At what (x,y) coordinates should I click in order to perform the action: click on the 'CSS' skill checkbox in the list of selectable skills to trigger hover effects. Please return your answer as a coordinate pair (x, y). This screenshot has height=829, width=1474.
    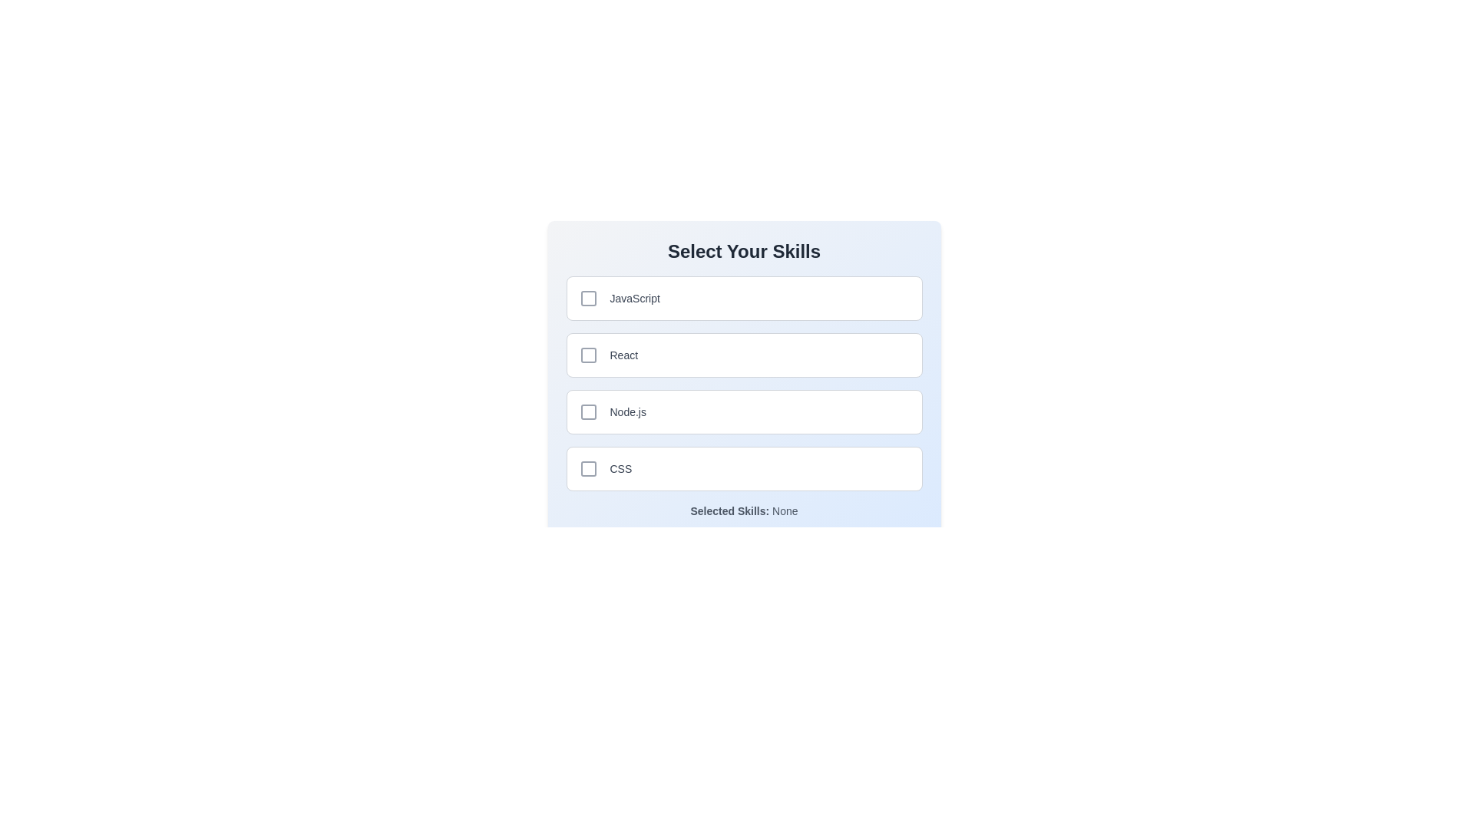
    Looking at the image, I should click on (744, 467).